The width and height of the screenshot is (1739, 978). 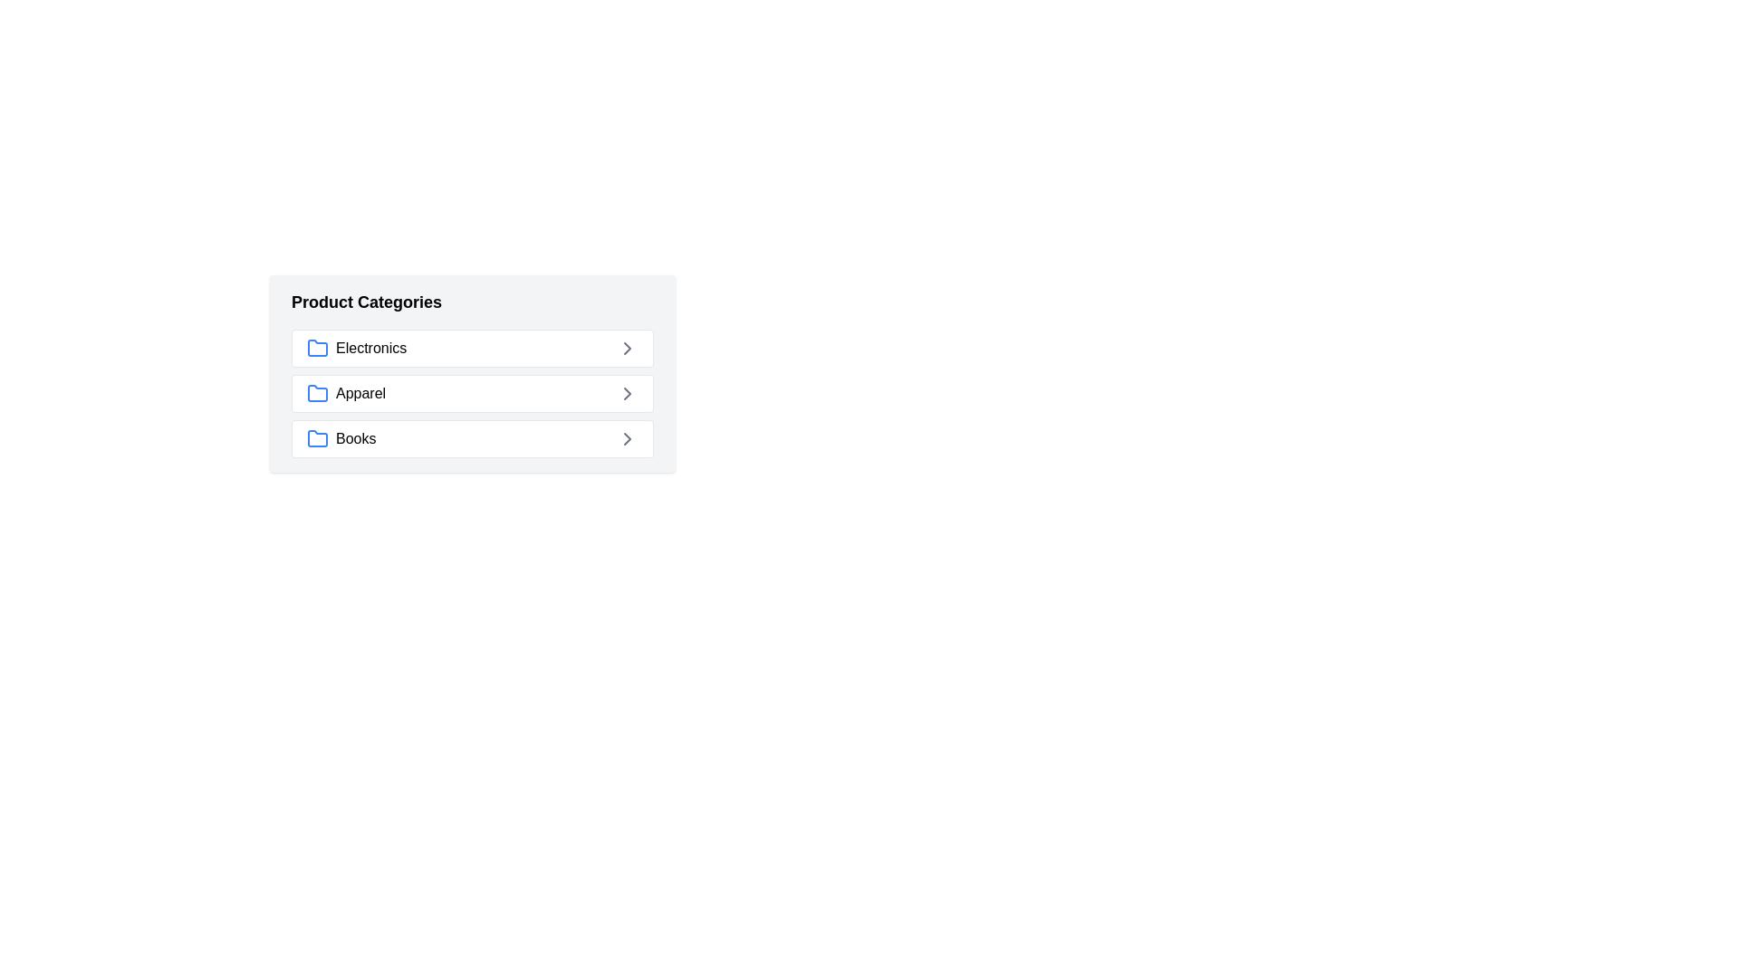 What do you see at coordinates (357, 349) in the screenshot?
I see `the first list item 'Electronics' with a blue folder icon under the 'Product Categories' heading` at bounding box center [357, 349].